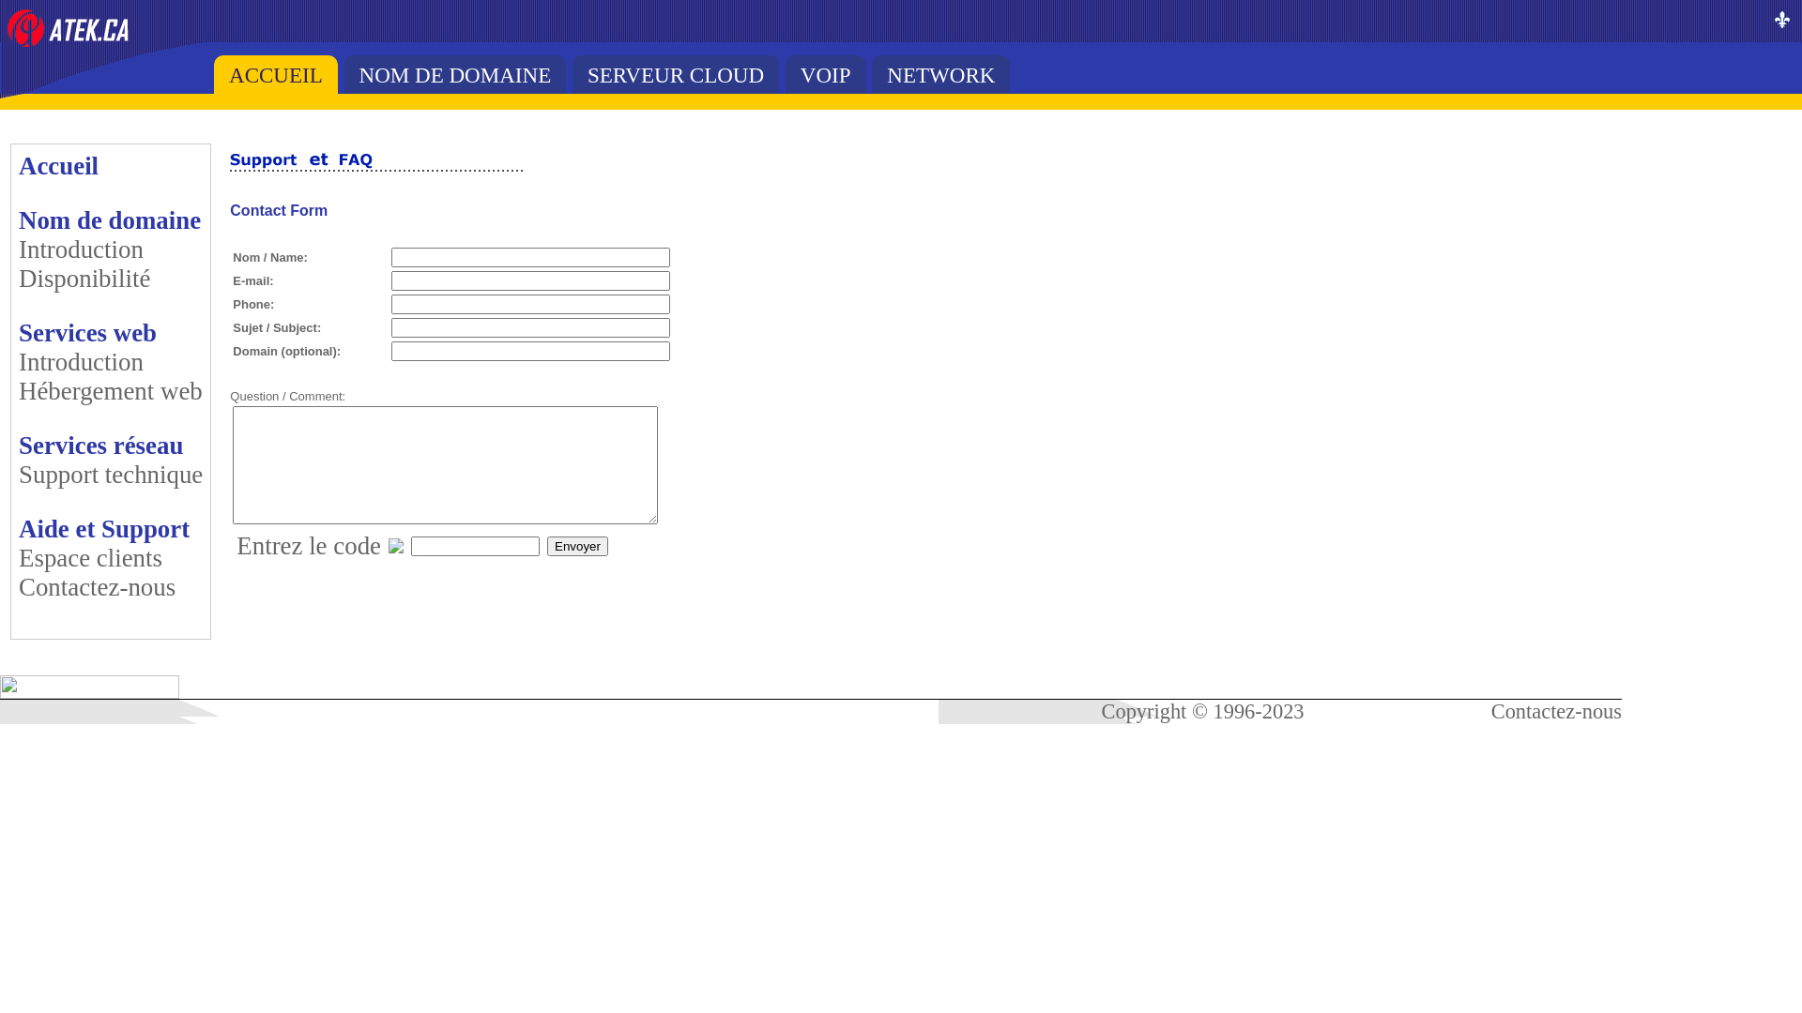  Describe the element at coordinates (825, 73) in the screenshot. I see `'VOIP'` at that location.